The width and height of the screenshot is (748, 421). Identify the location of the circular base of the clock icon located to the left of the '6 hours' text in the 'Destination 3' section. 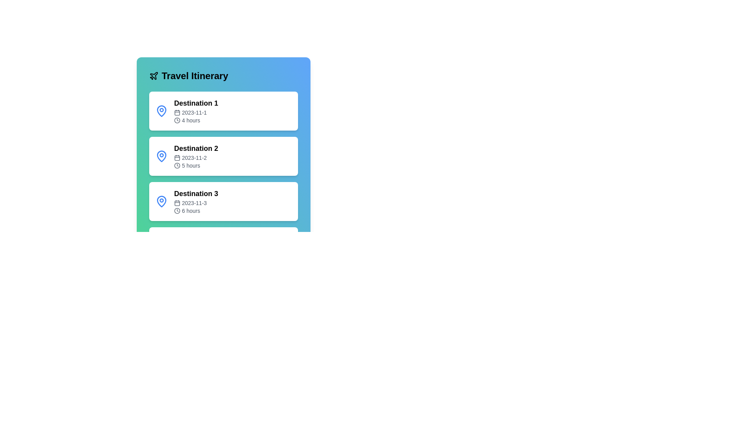
(177, 210).